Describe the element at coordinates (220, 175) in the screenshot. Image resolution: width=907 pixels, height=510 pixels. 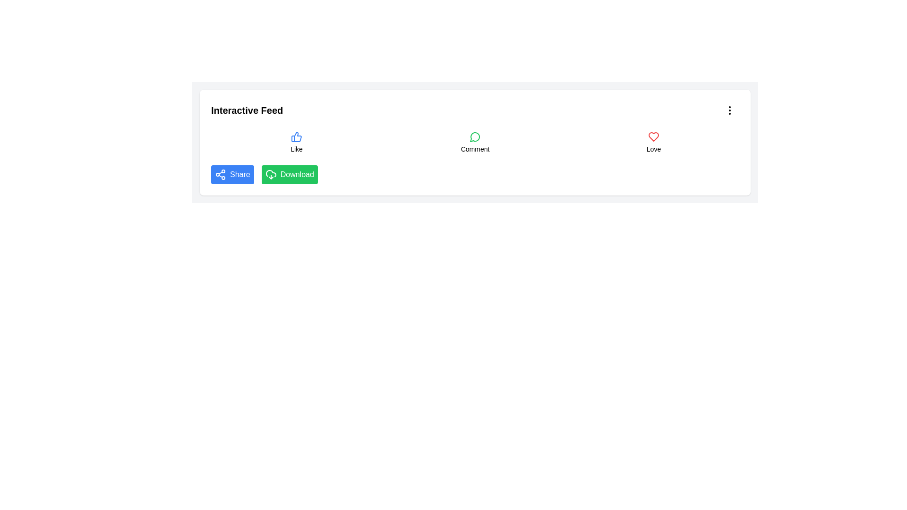
I see `the Share icon located within the blue button at the bottom left corner of the Interactive Feed component` at that location.